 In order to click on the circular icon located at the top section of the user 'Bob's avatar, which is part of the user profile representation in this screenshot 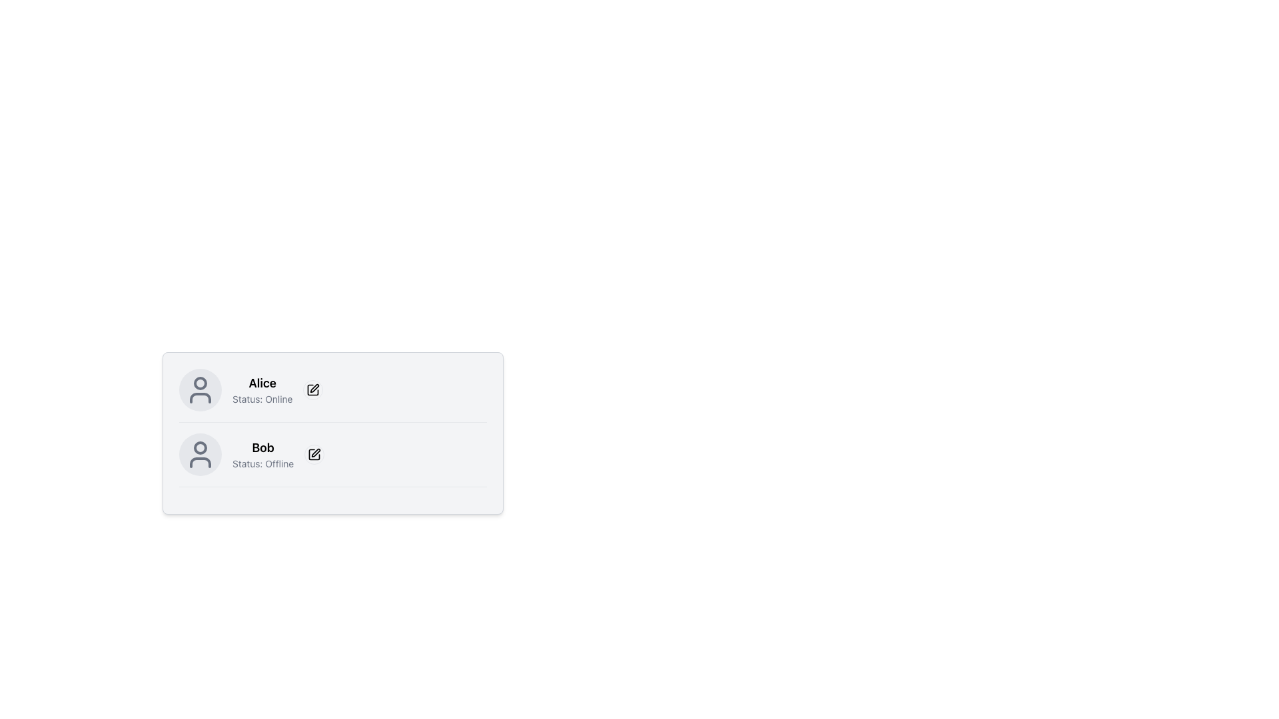, I will do `click(200, 447)`.